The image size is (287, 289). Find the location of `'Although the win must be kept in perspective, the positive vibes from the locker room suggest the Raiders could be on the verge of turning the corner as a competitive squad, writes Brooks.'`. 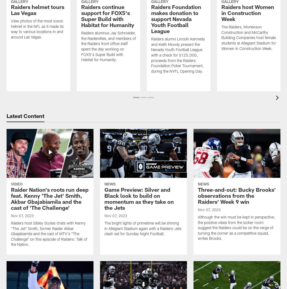

'Although the win must be kept in perspective, the positive vibes from the locker room suggest the Raiders could be on the verge of turning the corner as a competitive squad, writes Brooks.' is located at coordinates (236, 228).